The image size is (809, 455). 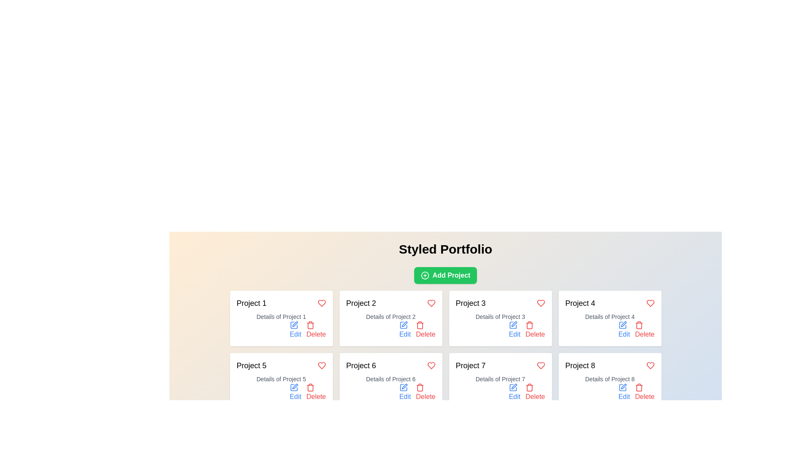 I want to click on the edit button (icon-based) located in the bottom-right corner of the 'Project 7' box, so click(x=512, y=388).